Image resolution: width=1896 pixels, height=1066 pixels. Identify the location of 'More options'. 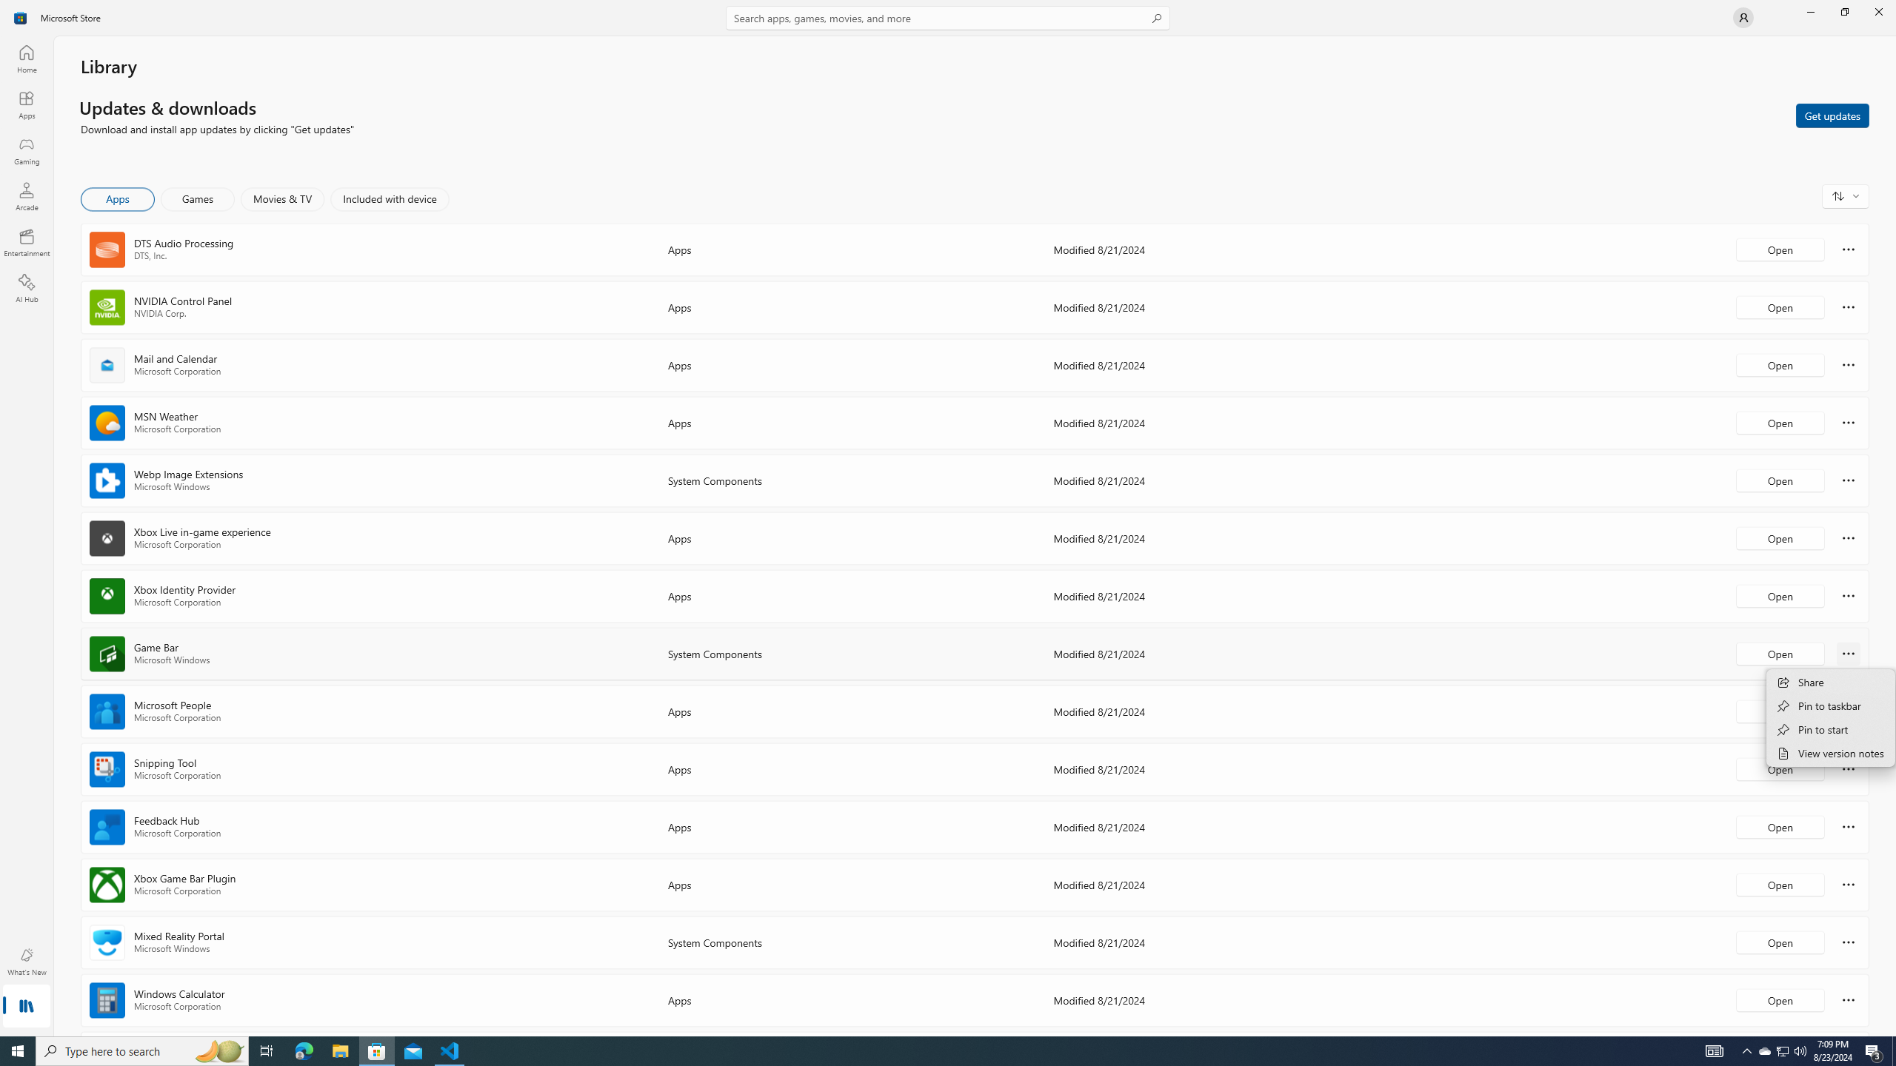
(1848, 999).